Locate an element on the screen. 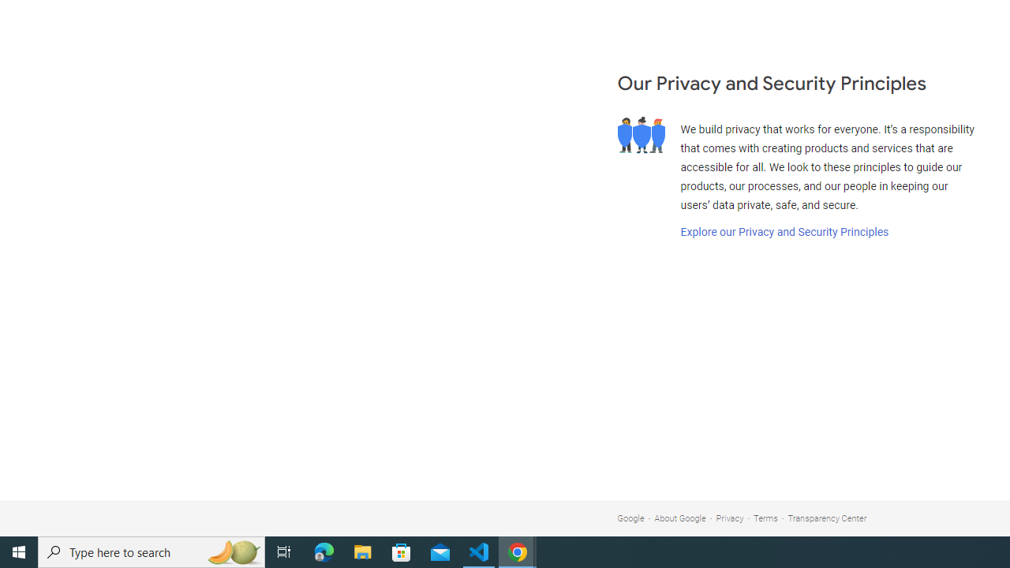 Image resolution: width=1010 pixels, height=568 pixels. 'Privacy' is located at coordinates (729, 518).